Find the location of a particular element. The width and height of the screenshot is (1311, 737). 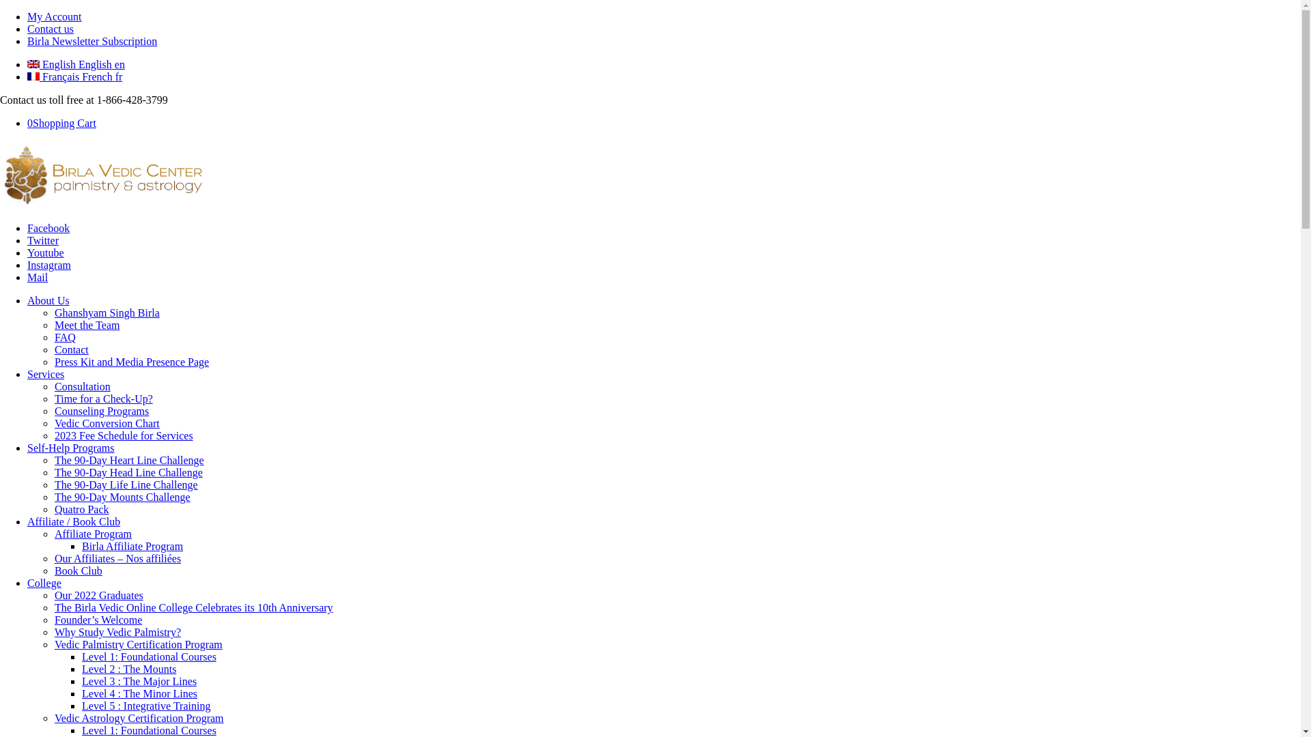

'Counseling Programs' is located at coordinates (100, 410).